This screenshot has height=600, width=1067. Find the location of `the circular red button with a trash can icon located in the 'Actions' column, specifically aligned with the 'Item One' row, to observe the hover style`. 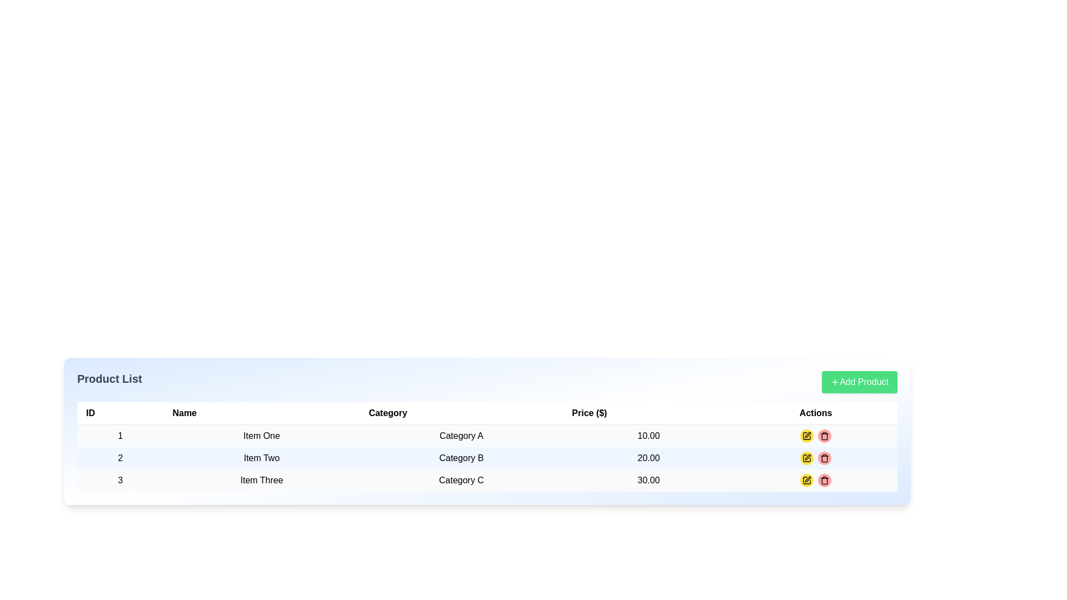

the circular red button with a trash can icon located in the 'Actions' column, specifically aligned with the 'Item One' row, to observe the hover style is located at coordinates (825, 436).